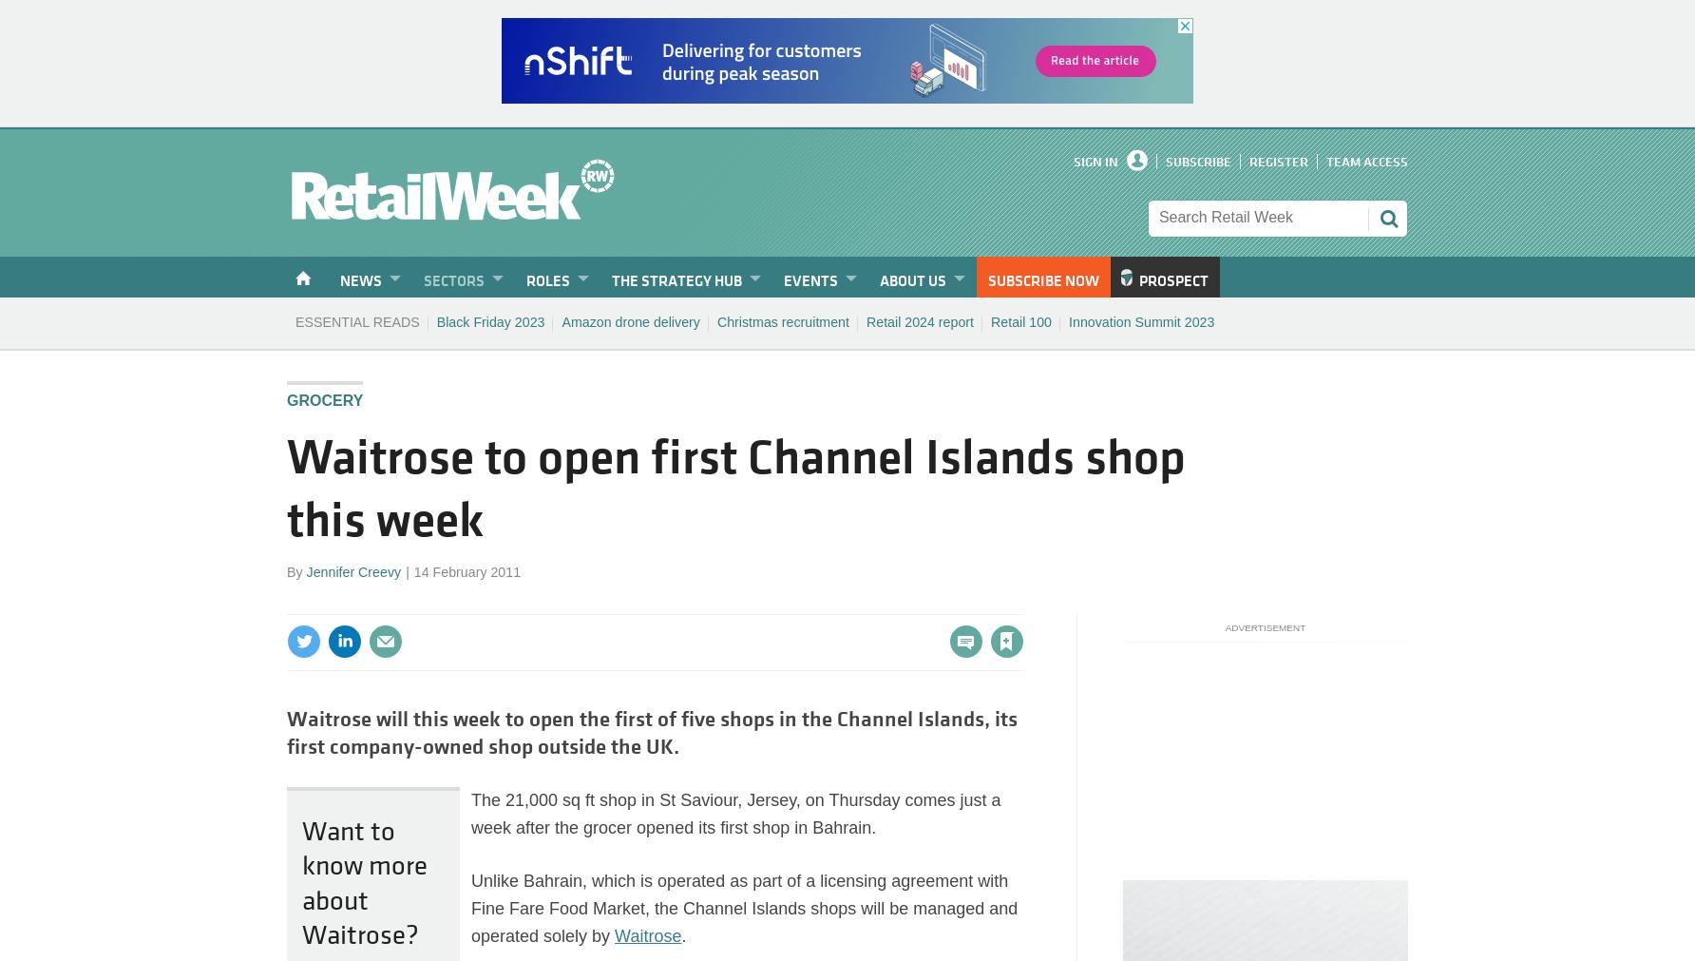 The width and height of the screenshot is (1695, 961). Describe the element at coordinates (799, 602) in the screenshot. I see `'Sign in'` at that location.